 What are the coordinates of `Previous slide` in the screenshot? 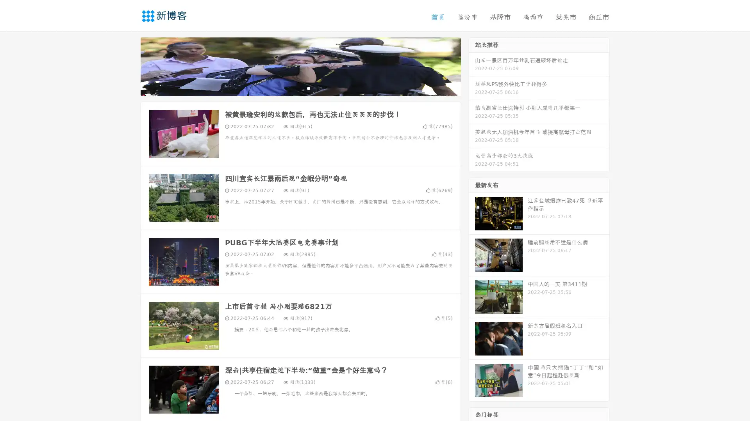 It's located at (129, 65).